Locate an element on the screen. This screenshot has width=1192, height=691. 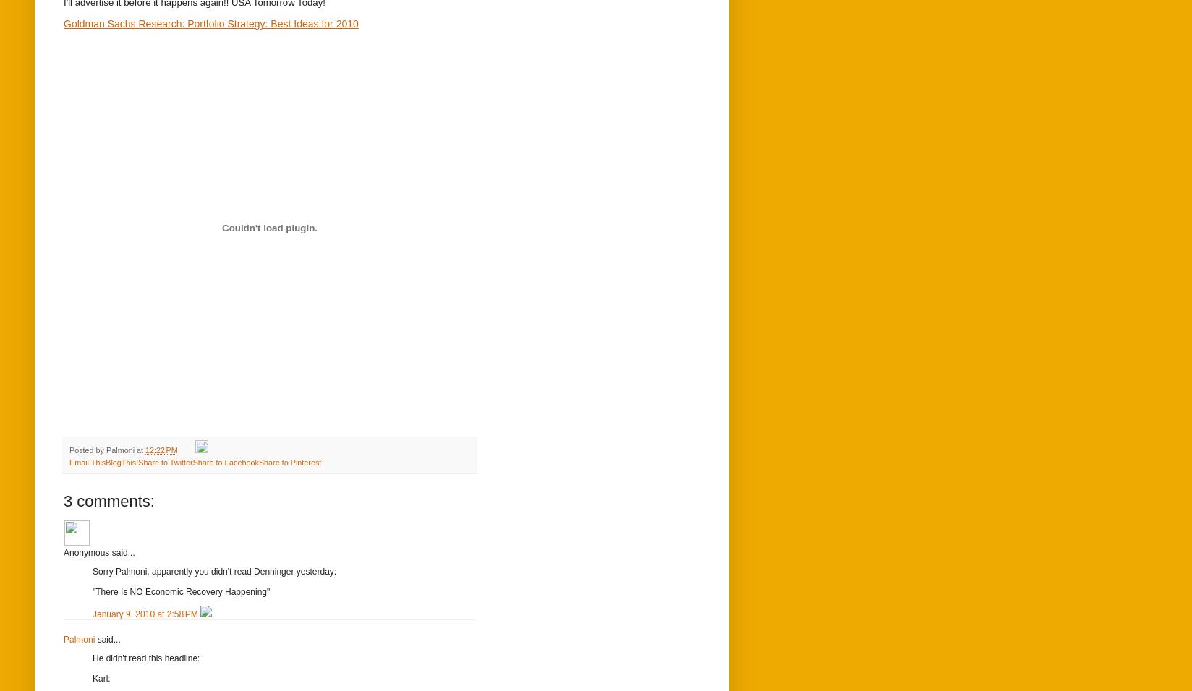
'at' is located at coordinates (140, 450).